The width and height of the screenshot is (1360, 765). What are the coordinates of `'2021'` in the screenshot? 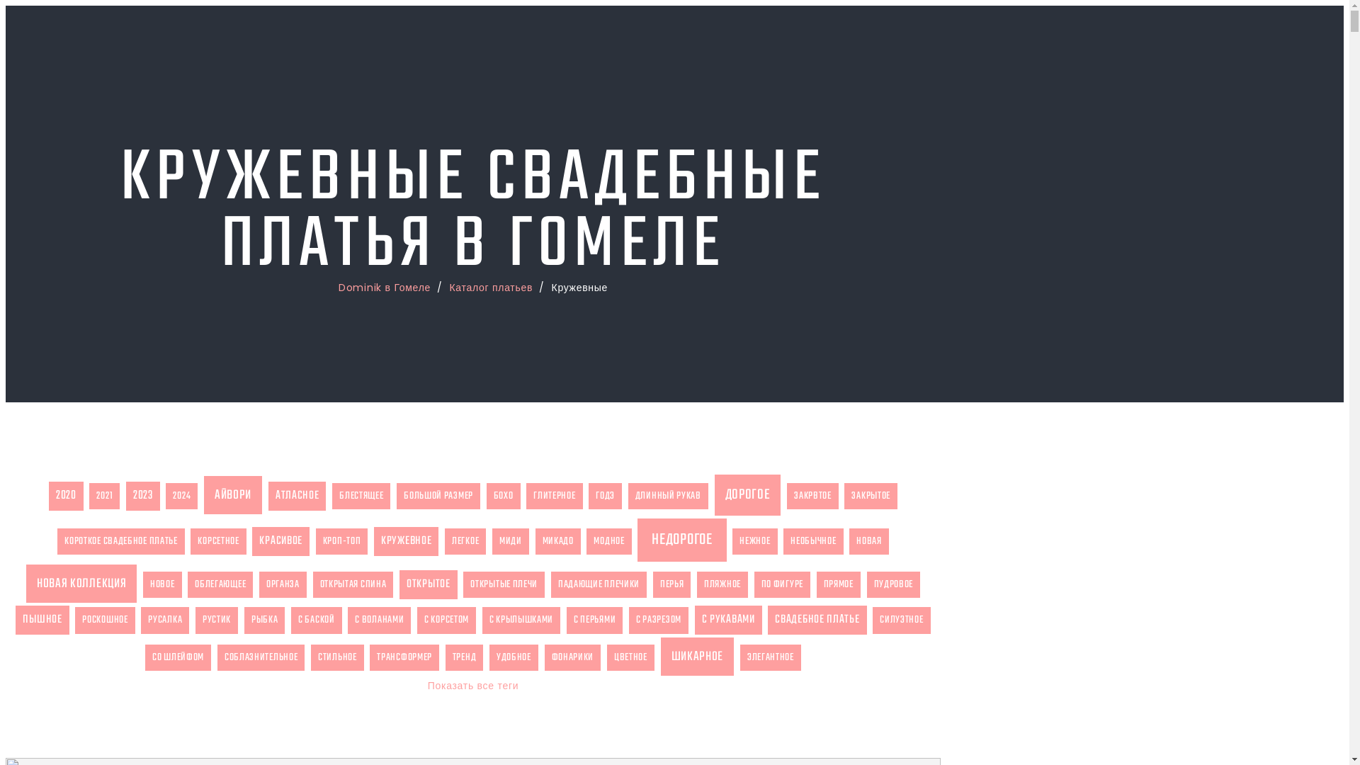 It's located at (103, 495).